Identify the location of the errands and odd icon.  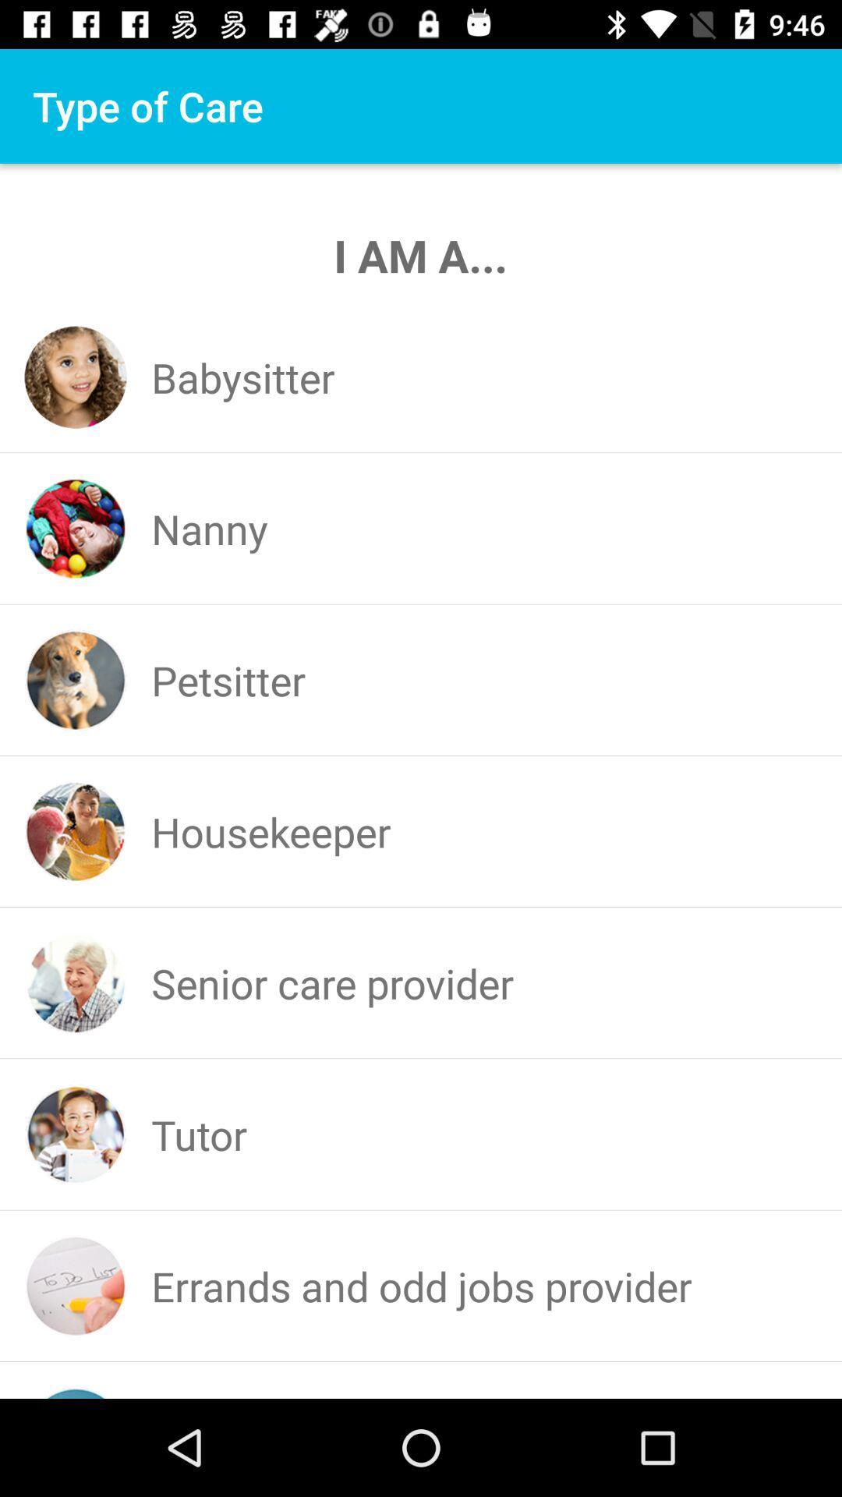
(422, 1286).